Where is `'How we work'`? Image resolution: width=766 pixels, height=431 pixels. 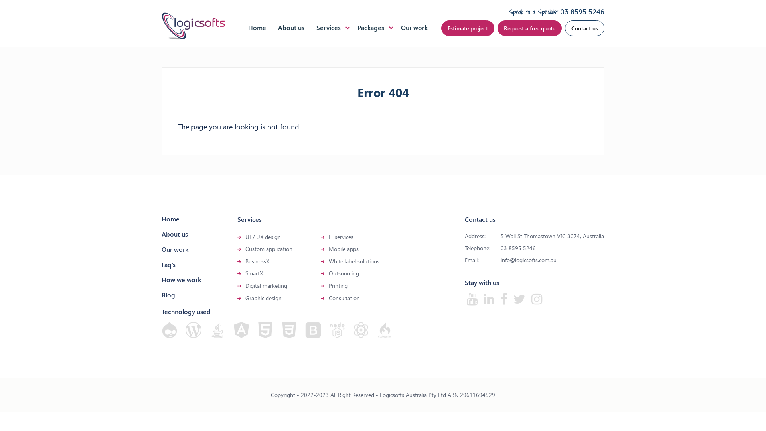 'How we work' is located at coordinates (181, 279).